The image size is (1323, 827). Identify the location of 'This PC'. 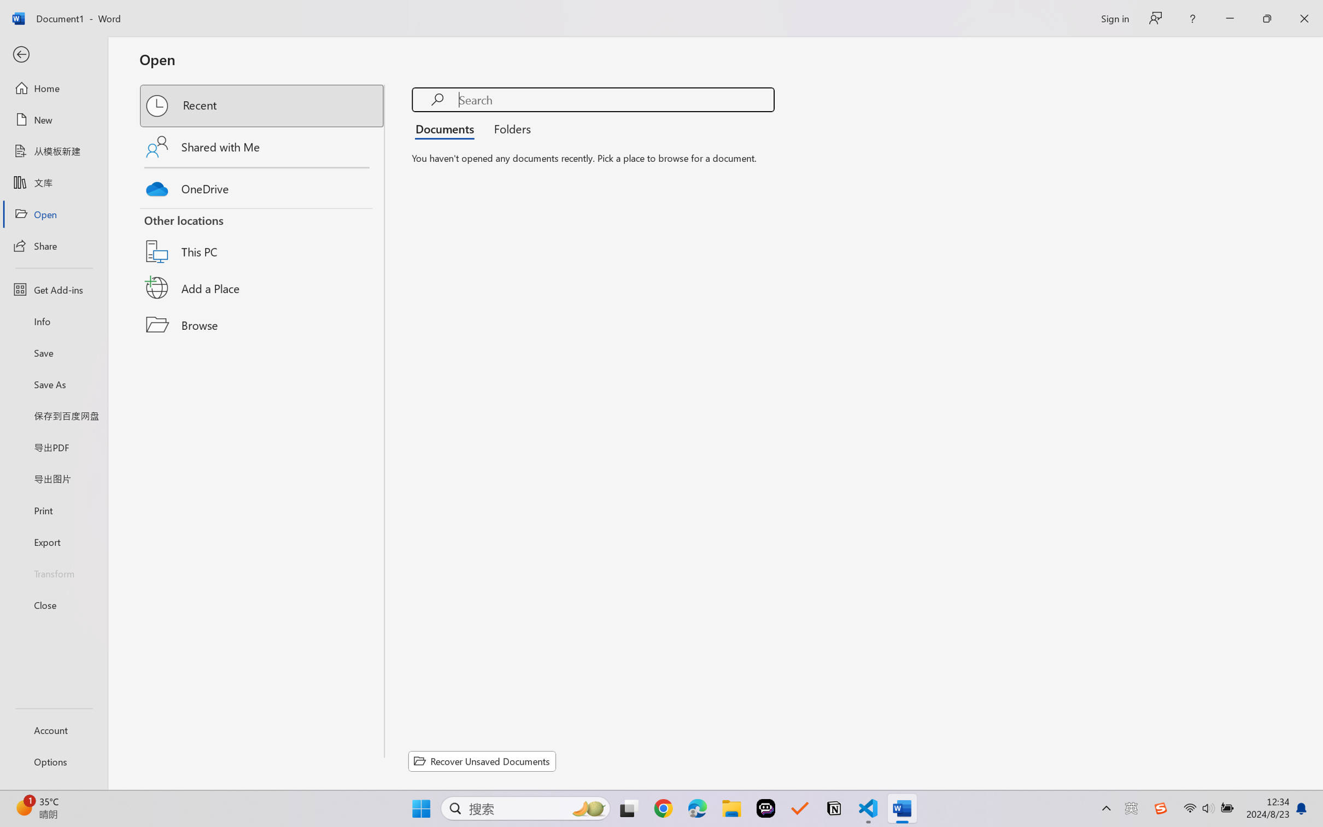
(262, 238).